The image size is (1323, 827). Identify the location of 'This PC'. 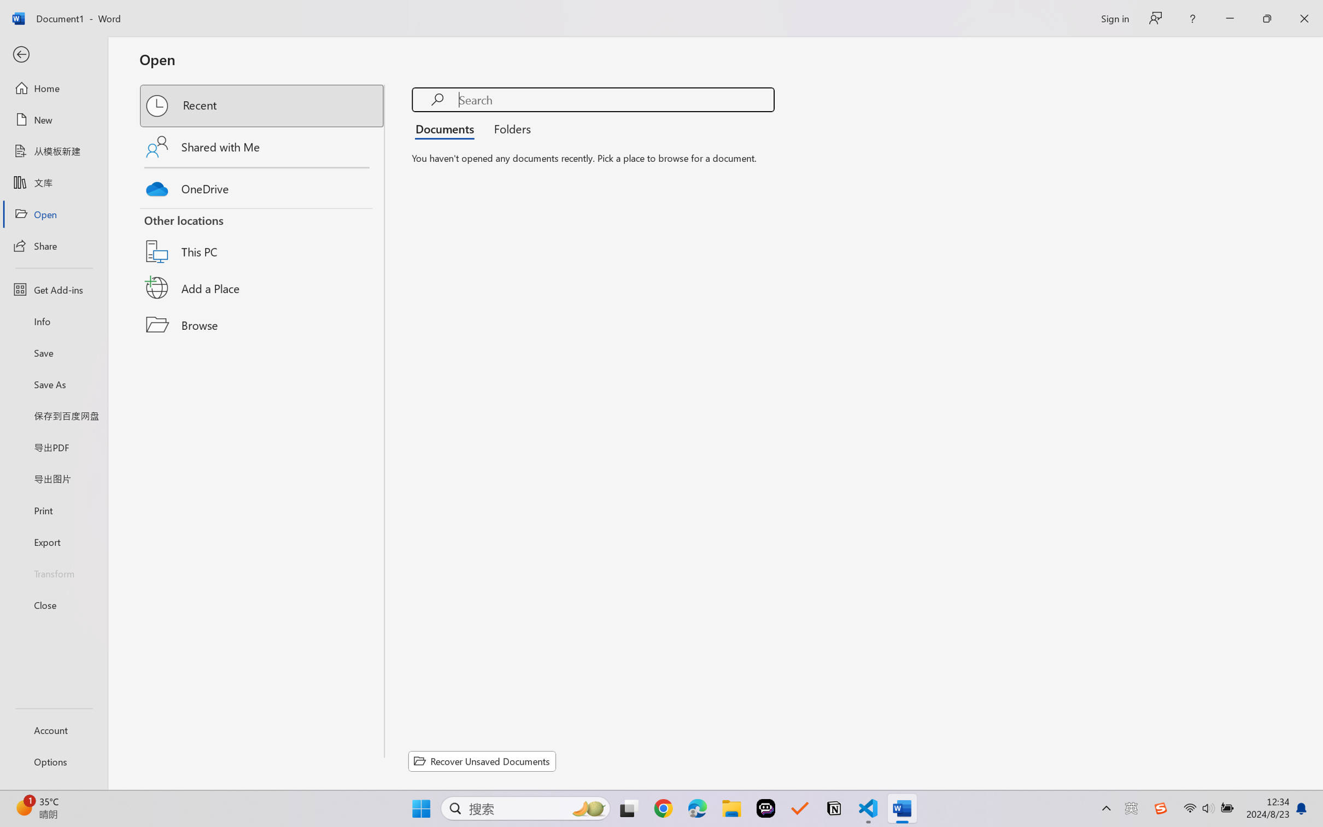
(262, 238).